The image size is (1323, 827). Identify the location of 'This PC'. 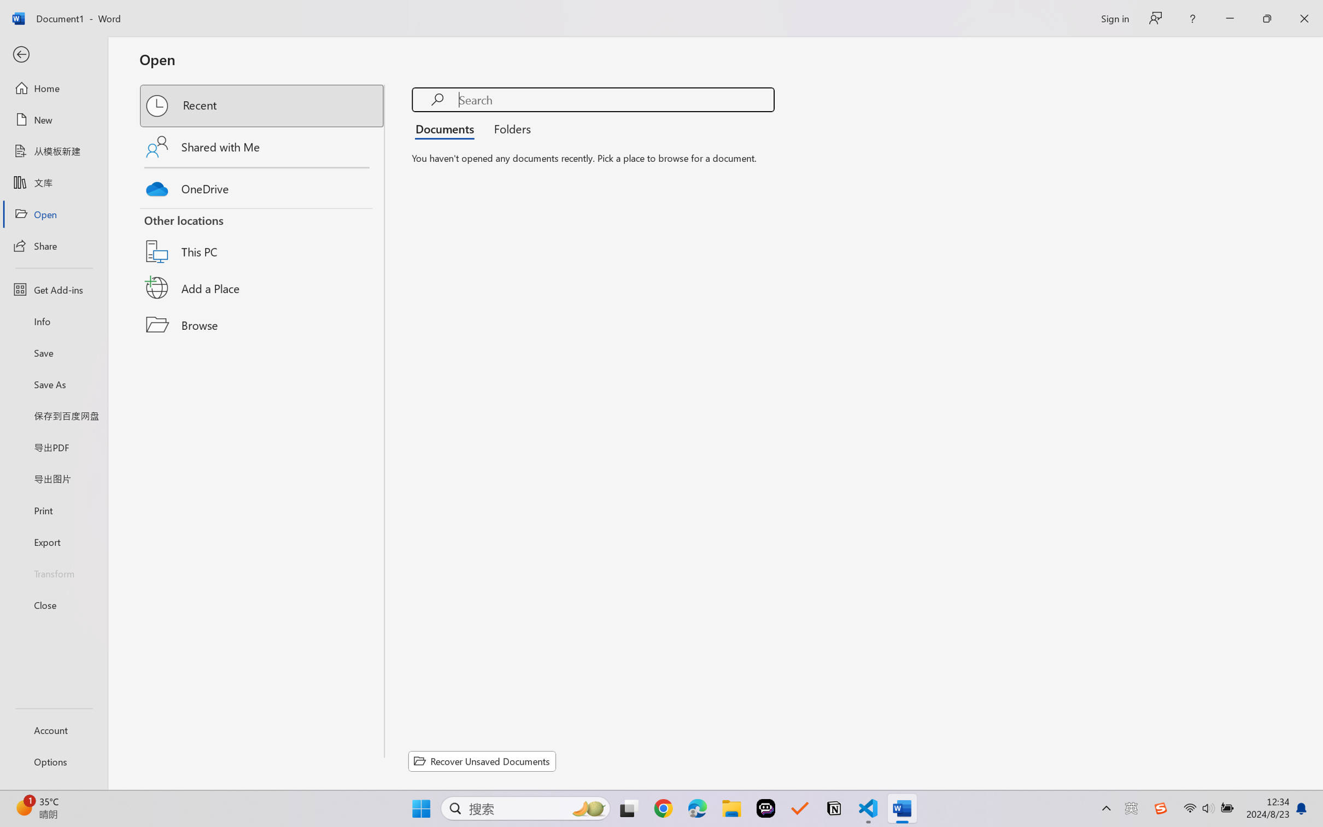
(262, 238).